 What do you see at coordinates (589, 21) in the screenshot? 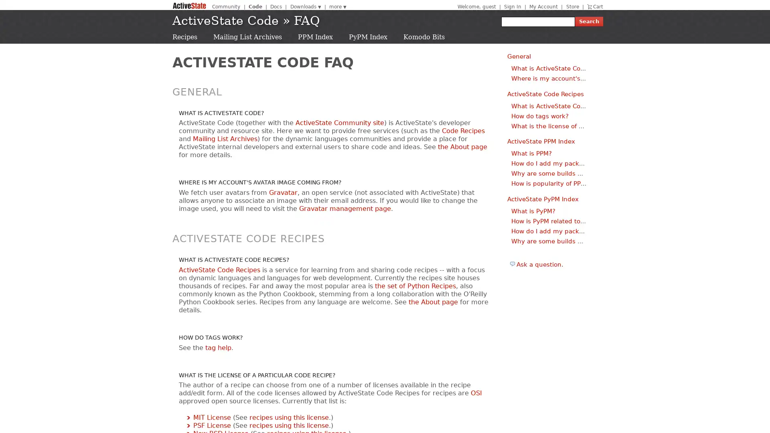
I see `Search` at bounding box center [589, 21].